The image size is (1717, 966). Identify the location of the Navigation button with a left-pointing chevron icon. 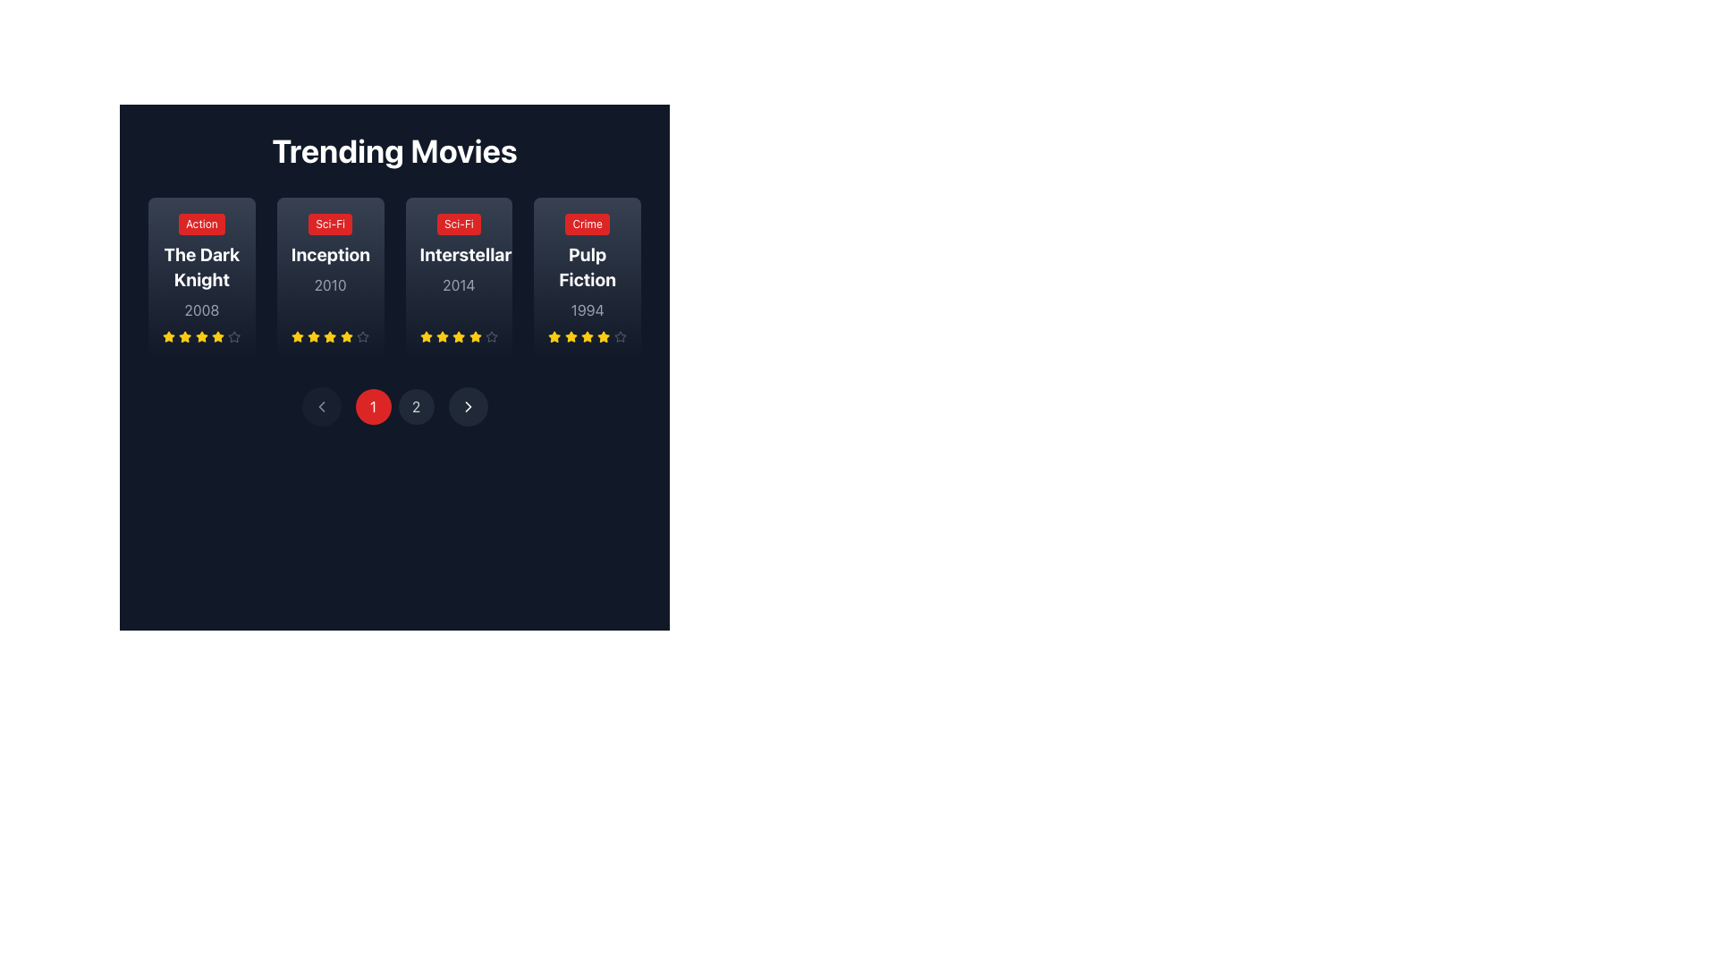
(321, 406).